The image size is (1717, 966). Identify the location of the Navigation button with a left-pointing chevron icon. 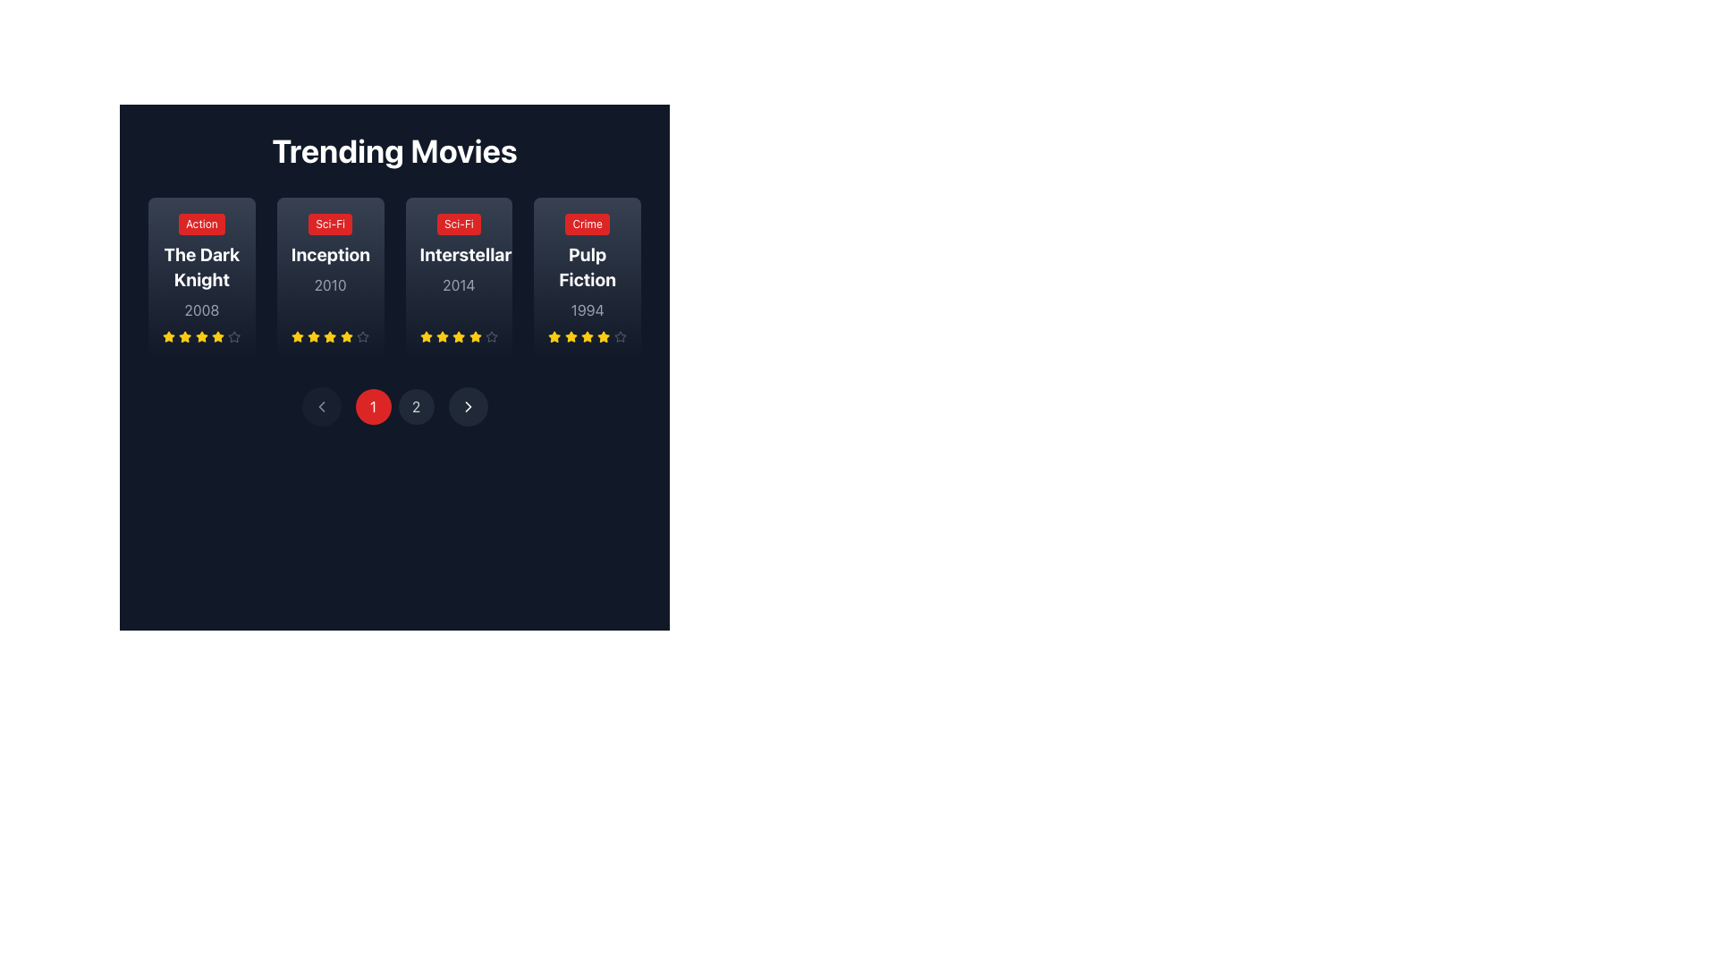
(321, 406).